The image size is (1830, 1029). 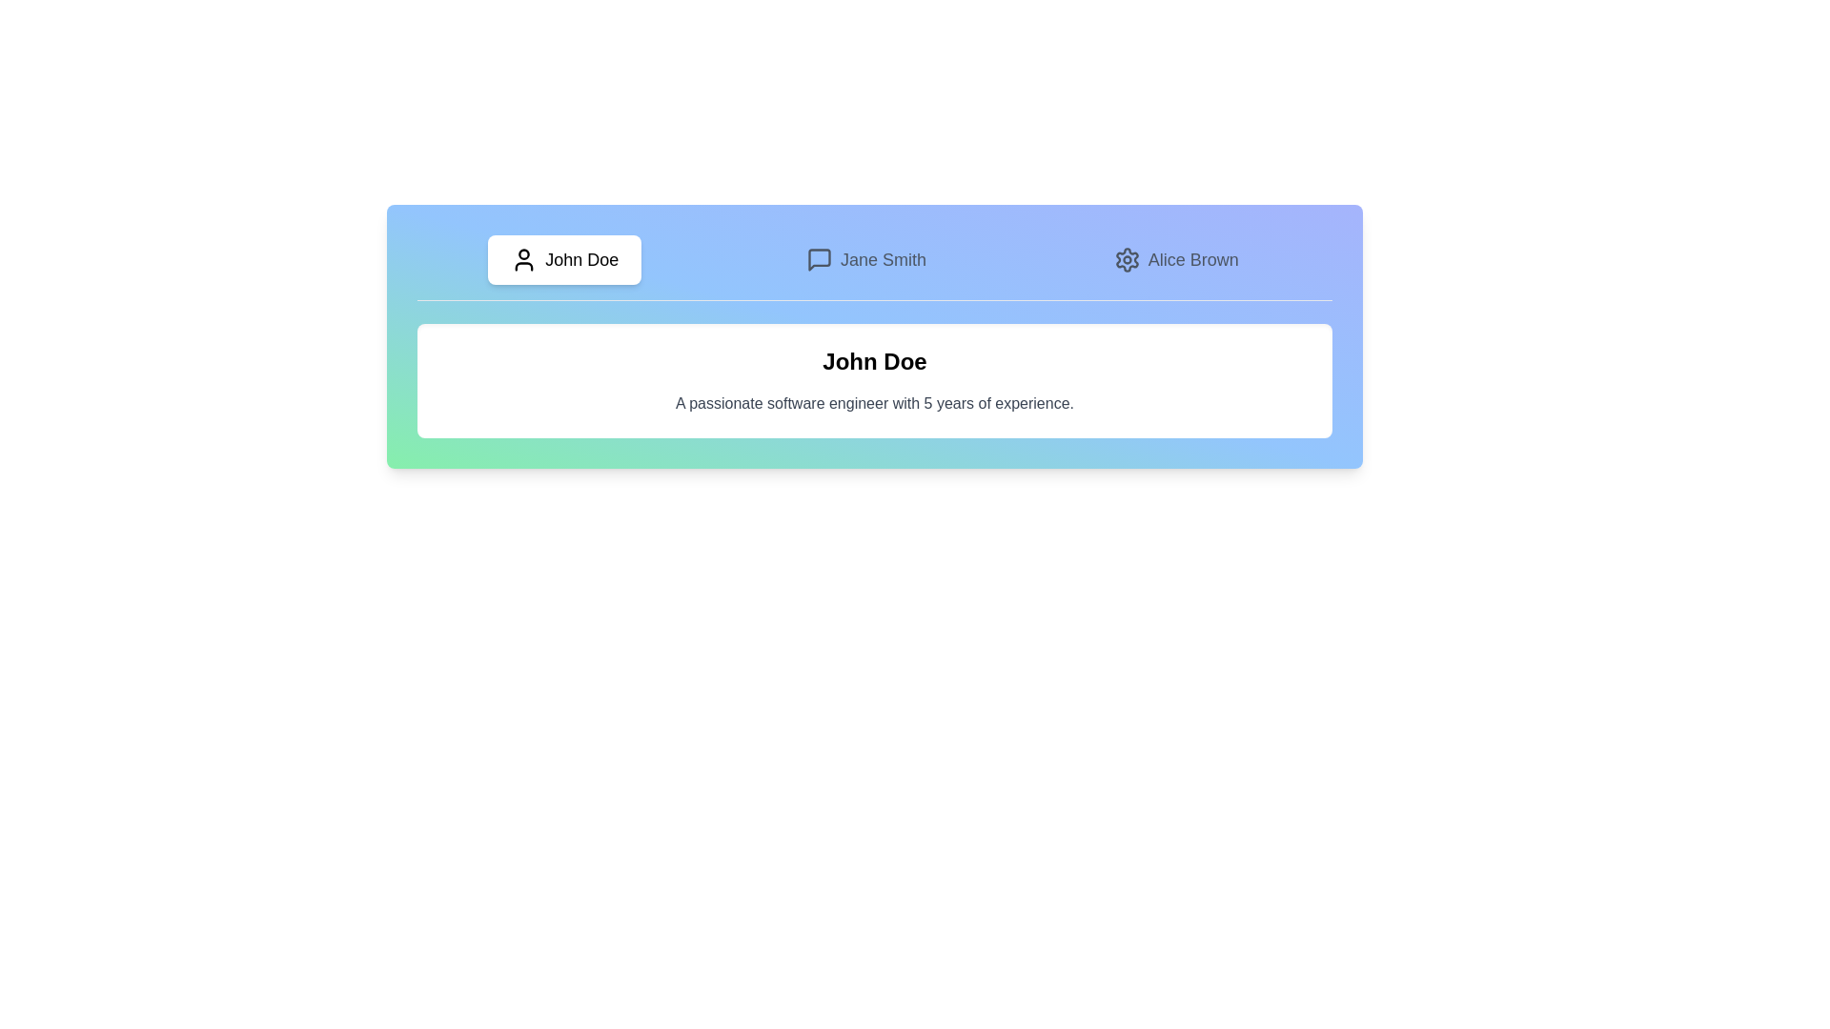 I want to click on the tab corresponding to the user profile Alice Brown, so click(x=1175, y=260).